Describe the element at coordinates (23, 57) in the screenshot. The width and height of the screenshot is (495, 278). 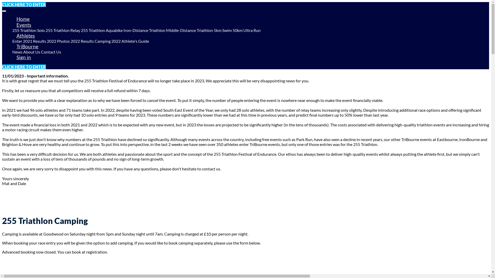
I see `'Sign in'` at that location.